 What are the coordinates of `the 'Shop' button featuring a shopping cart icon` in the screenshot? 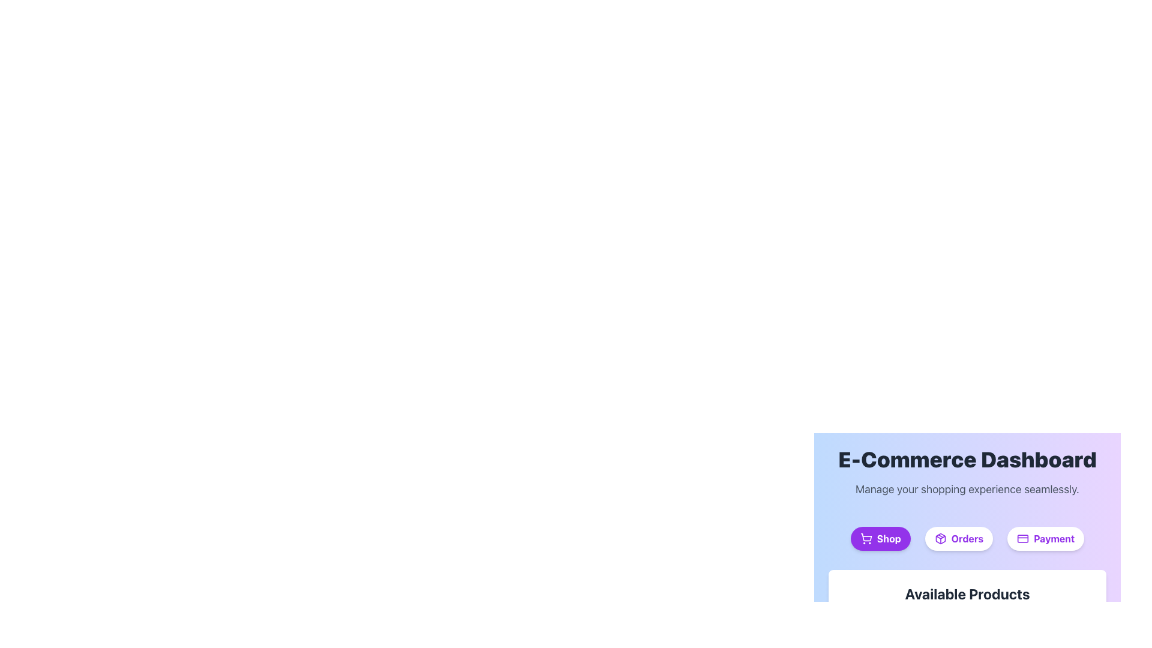 It's located at (866, 536).